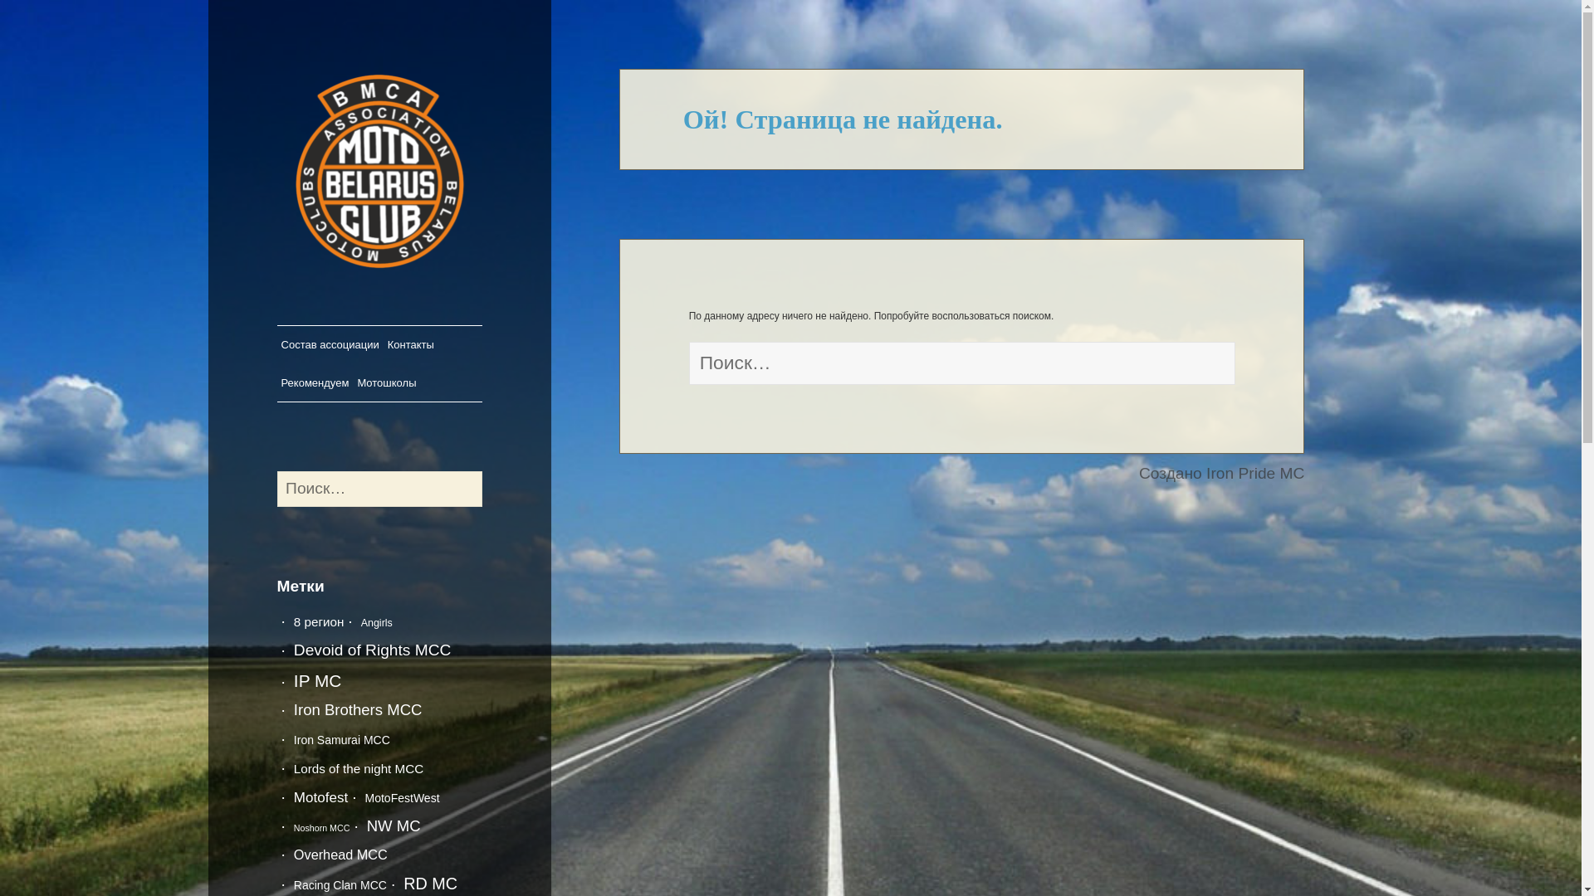 The width and height of the screenshot is (1594, 896). What do you see at coordinates (294, 796) in the screenshot?
I see `'Motofest'` at bounding box center [294, 796].